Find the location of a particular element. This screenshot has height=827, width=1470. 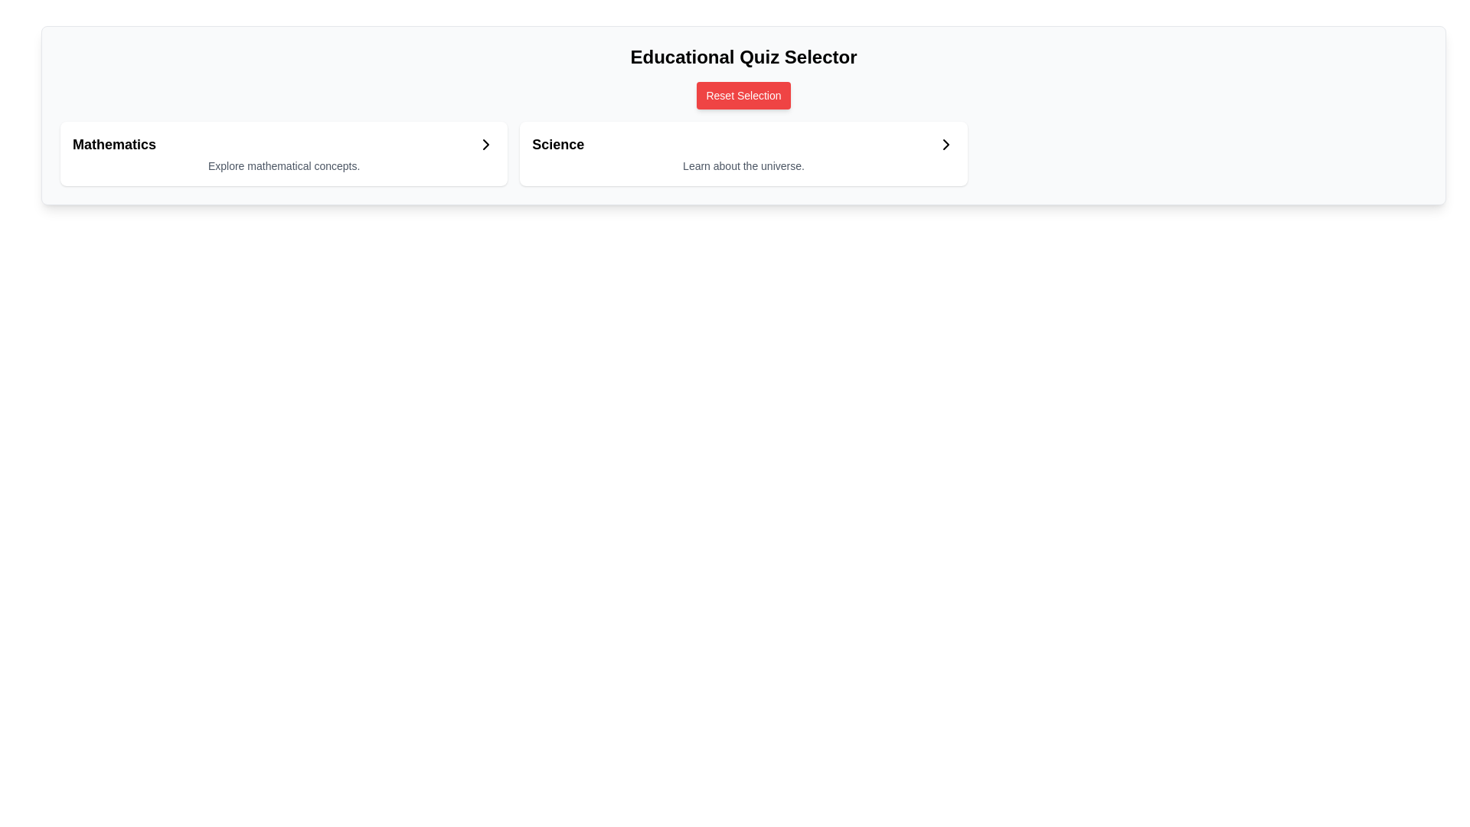

the 'Science' text label, which is a bold category title located above the center of the layout in the second column of two menu options is located at coordinates (557, 145).